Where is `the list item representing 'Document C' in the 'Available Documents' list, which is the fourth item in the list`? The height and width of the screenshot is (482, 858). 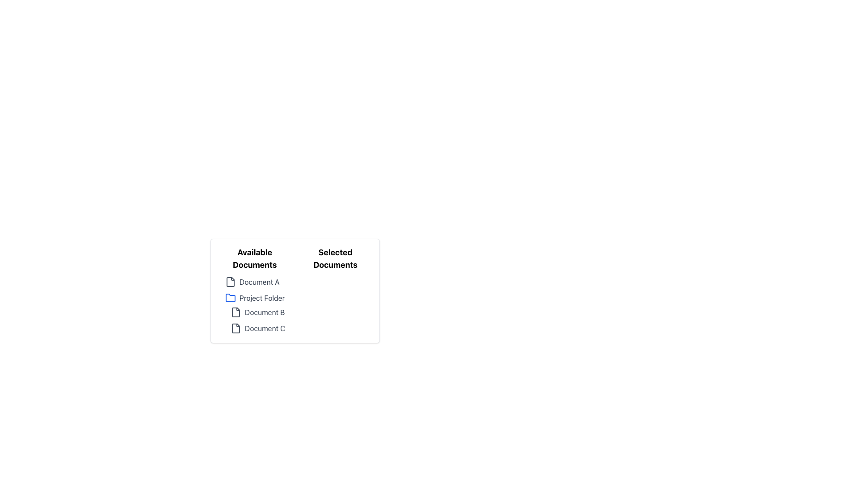 the list item representing 'Document C' in the 'Available Documents' list, which is the fourth item in the list is located at coordinates (260, 328).